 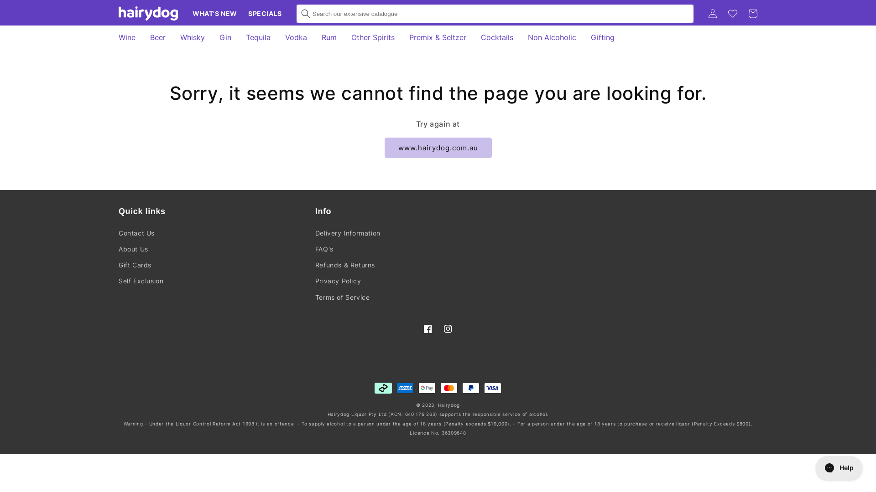 What do you see at coordinates (342, 297) in the screenshot?
I see `'Terms of Service'` at bounding box center [342, 297].